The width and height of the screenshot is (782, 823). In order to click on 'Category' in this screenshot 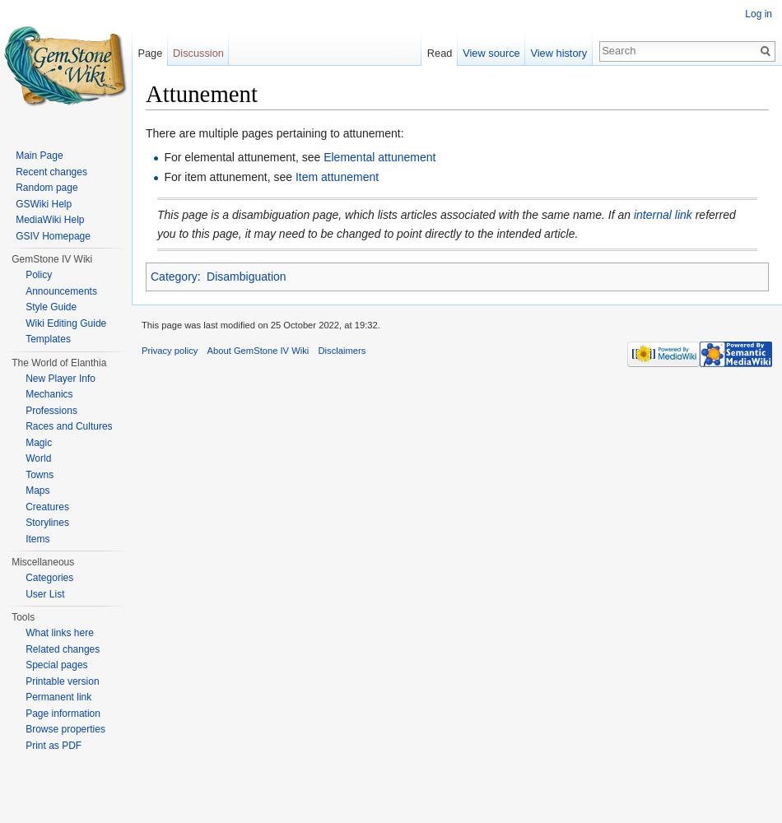, I will do `click(173, 276)`.